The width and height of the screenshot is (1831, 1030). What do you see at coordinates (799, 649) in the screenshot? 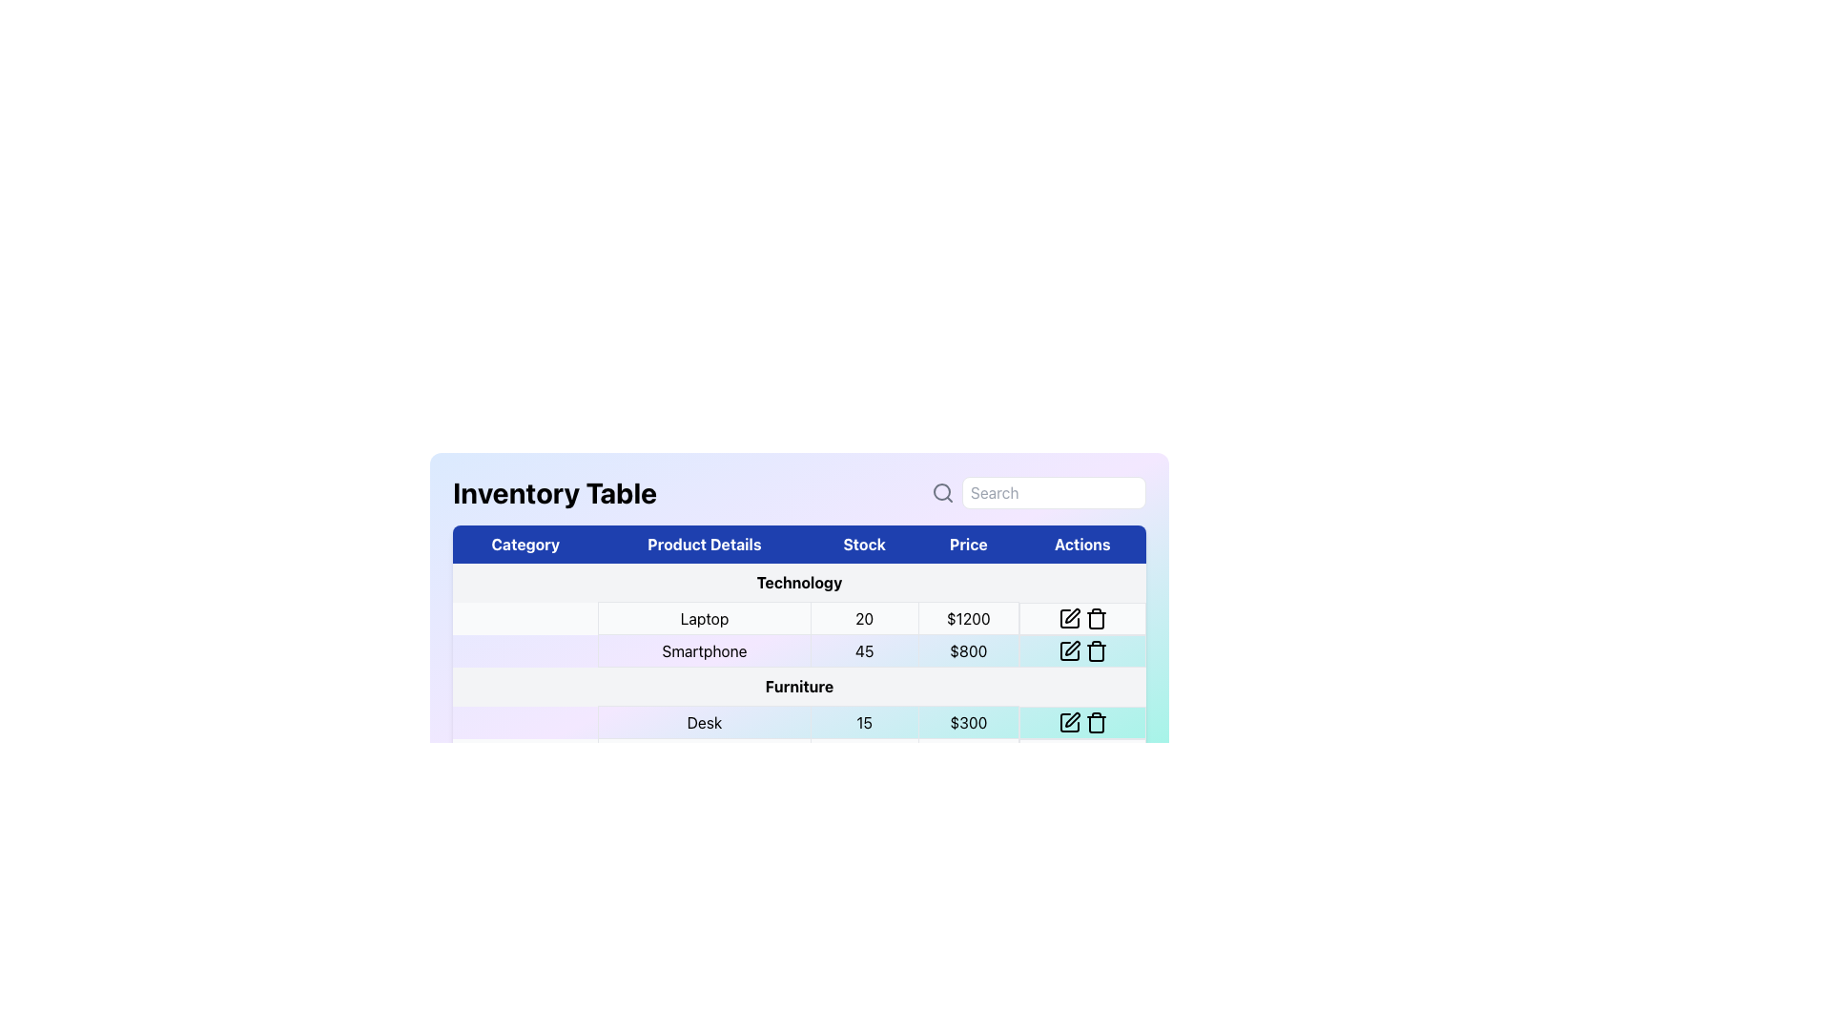
I see `textual content of the Tabular Data Row element containing 'Smartphone', '45', and '$800', which is the second row in the 'Technology' table` at bounding box center [799, 649].